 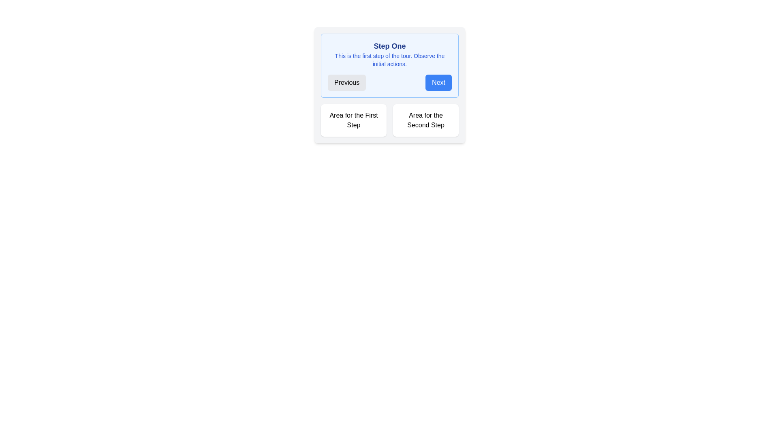 What do you see at coordinates (347, 83) in the screenshot?
I see `the 'Previous' button, which is a rounded rectangle with black text on a light gray background` at bounding box center [347, 83].